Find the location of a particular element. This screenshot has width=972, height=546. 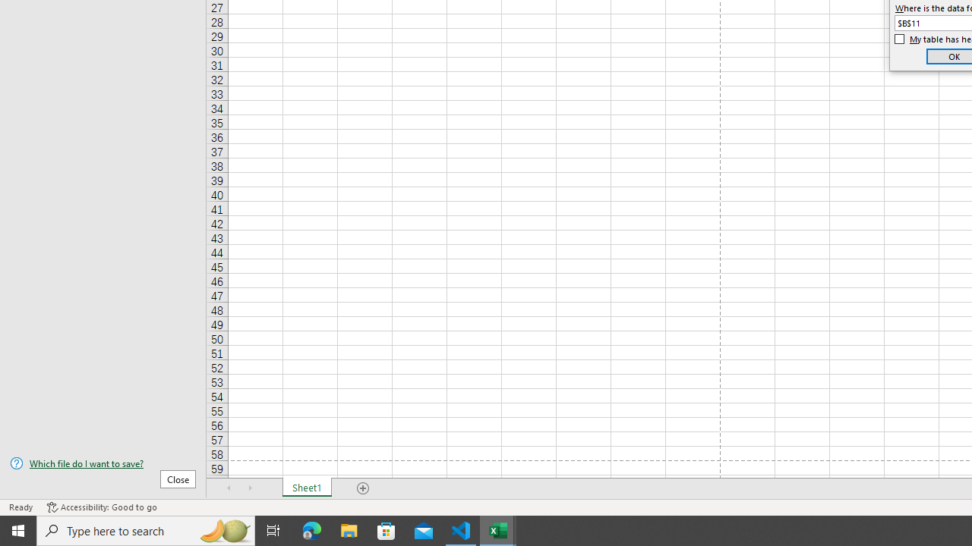

'Accessibility Checker Accessibility: Good to go' is located at coordinates (101, 507).